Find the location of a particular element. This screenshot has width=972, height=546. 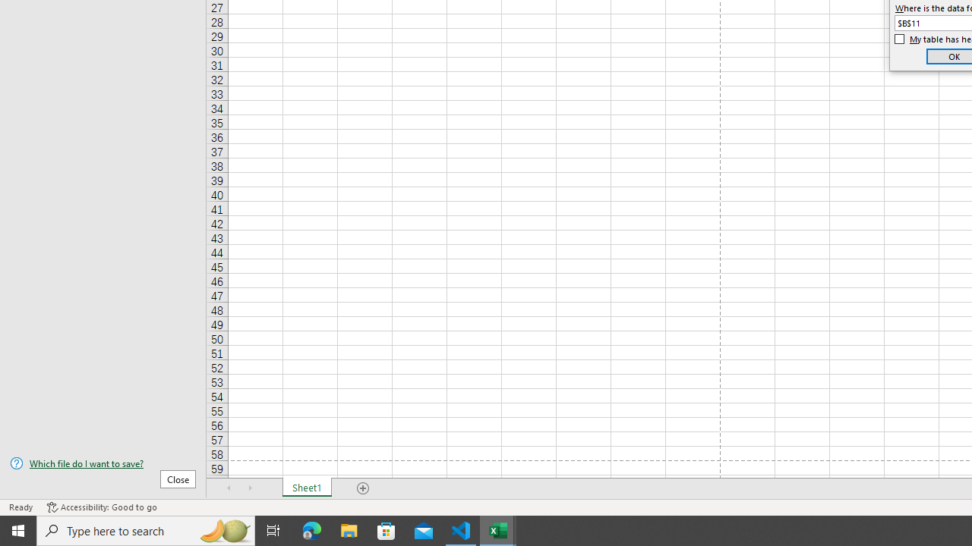

'Accessibility Checker Accessibility: Good to go' is located at coordinates (101, 507).